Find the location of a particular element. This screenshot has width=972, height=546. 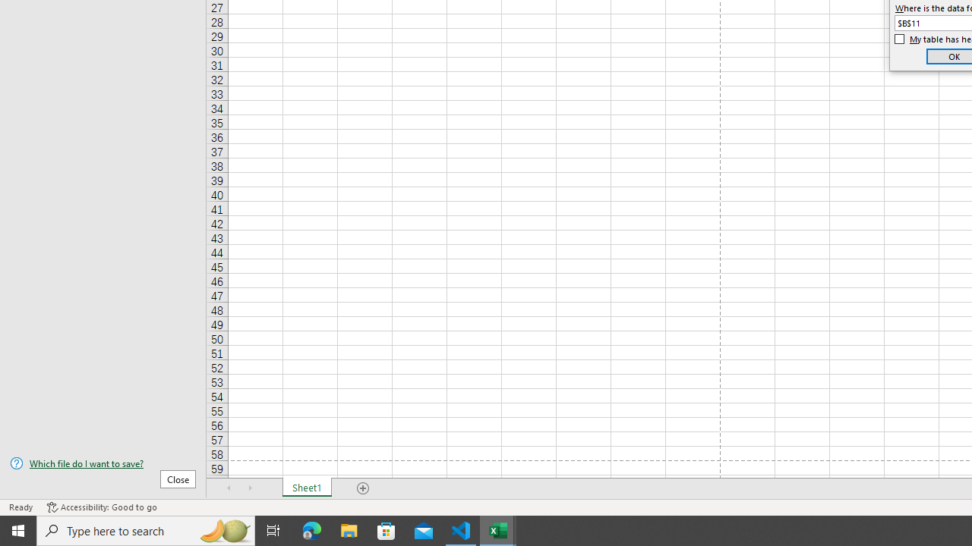

'Accessibility Checker Accessibility: Good to go' is located at coordinates (101, 507).